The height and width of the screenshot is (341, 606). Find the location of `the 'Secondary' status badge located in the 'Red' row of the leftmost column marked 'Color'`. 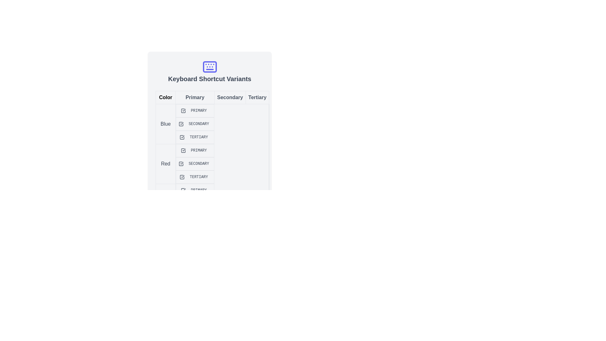

the 'Secondary' status badge located in the 'Red' row of the leftmost column marked 'Color' is located at coordinates (199, 164).